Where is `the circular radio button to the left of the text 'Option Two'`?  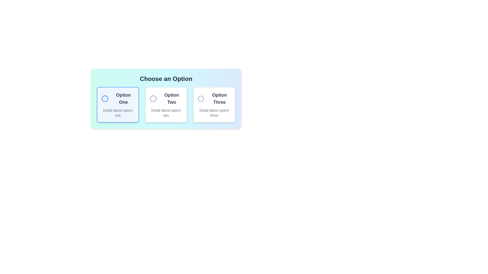
the circular radio button to the left of the text 'Option Two' is located at coordinates (153, 99).